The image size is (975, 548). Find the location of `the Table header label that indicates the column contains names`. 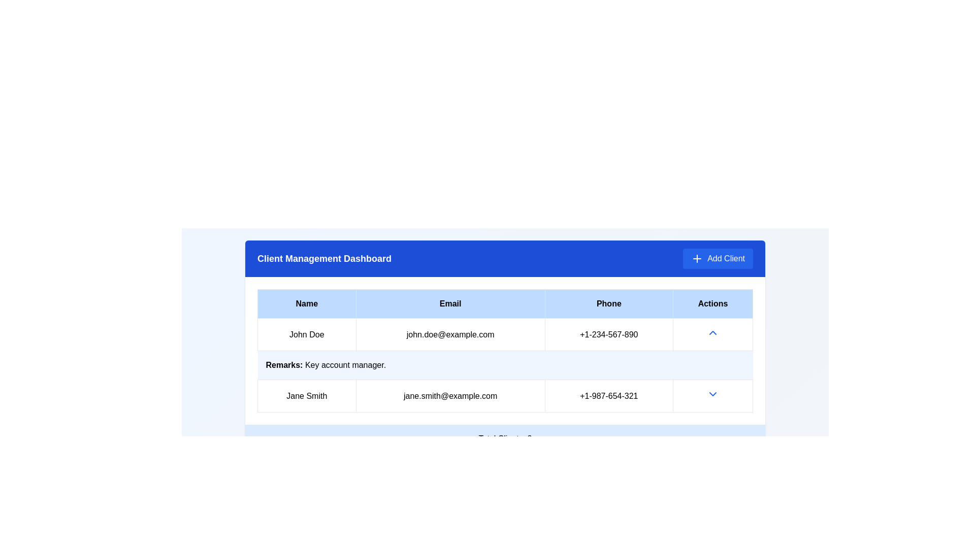

the Table header label that indicates the column contains names is located at coordinates (306, 303).